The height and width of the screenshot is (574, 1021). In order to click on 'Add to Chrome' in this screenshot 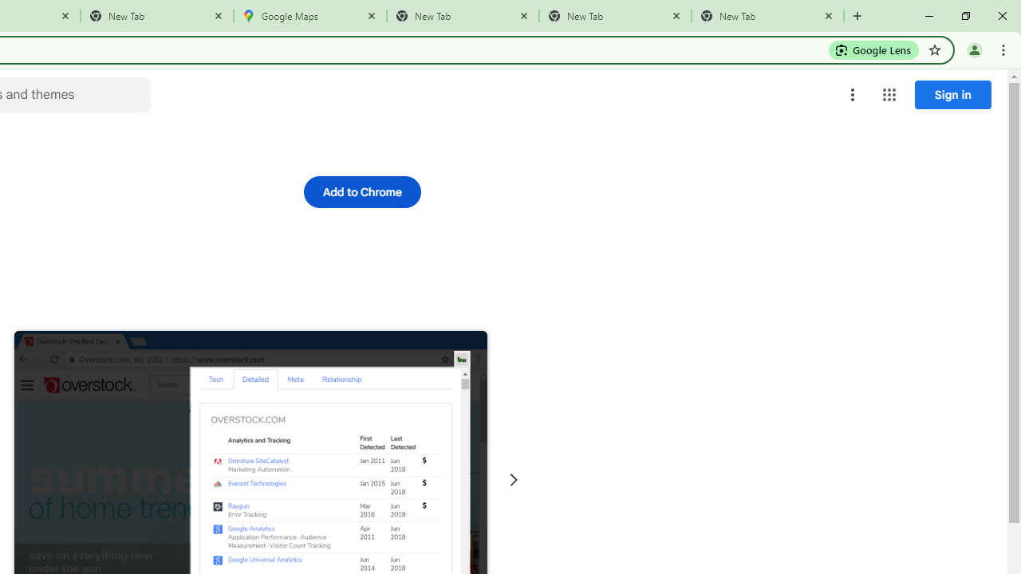, I will do `click(361, 191)`.